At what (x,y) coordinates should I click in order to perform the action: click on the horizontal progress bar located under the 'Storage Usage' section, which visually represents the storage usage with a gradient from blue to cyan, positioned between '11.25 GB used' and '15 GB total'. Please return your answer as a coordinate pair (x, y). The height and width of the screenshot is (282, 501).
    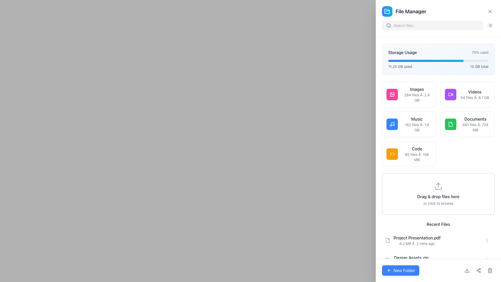
    Looking at the image, I should click on (438, 60).